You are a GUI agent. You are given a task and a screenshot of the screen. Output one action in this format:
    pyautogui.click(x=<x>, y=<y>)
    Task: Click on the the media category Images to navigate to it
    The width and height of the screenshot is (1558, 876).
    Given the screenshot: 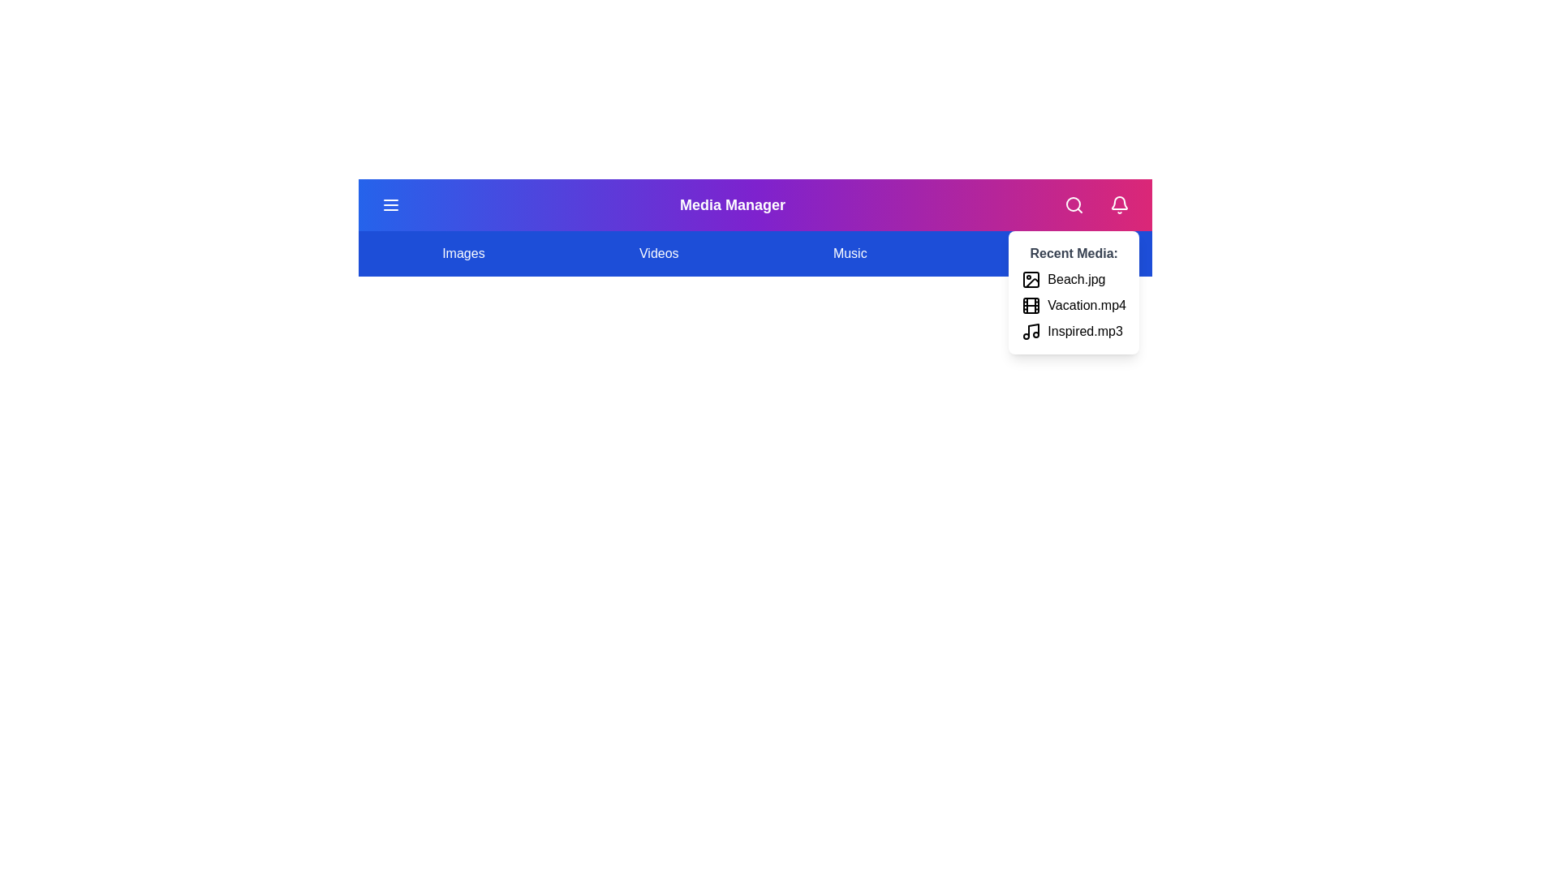 What is the action you would take?
    pyautogui.click(x=463, y=253)
    